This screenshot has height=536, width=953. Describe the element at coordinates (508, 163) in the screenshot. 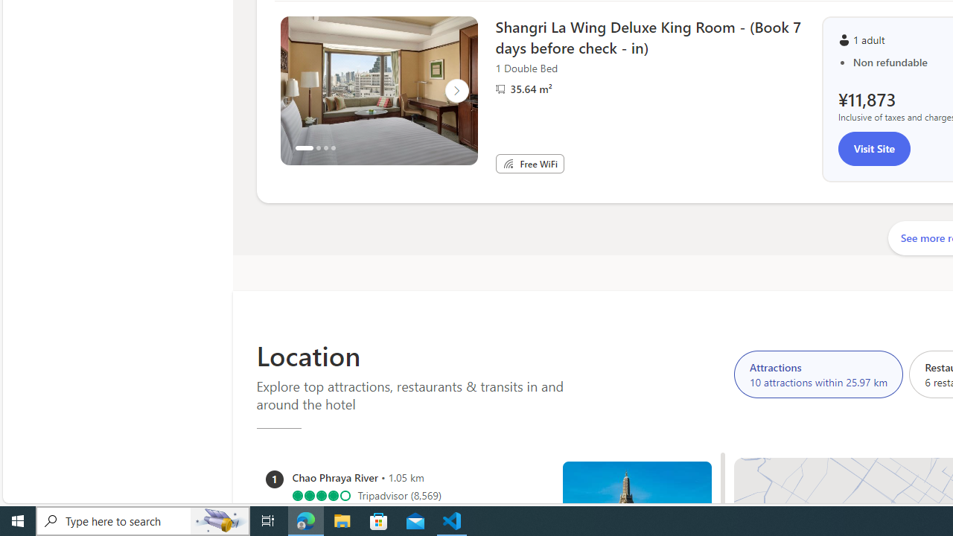

I see `'Free WiFi'` at that location.